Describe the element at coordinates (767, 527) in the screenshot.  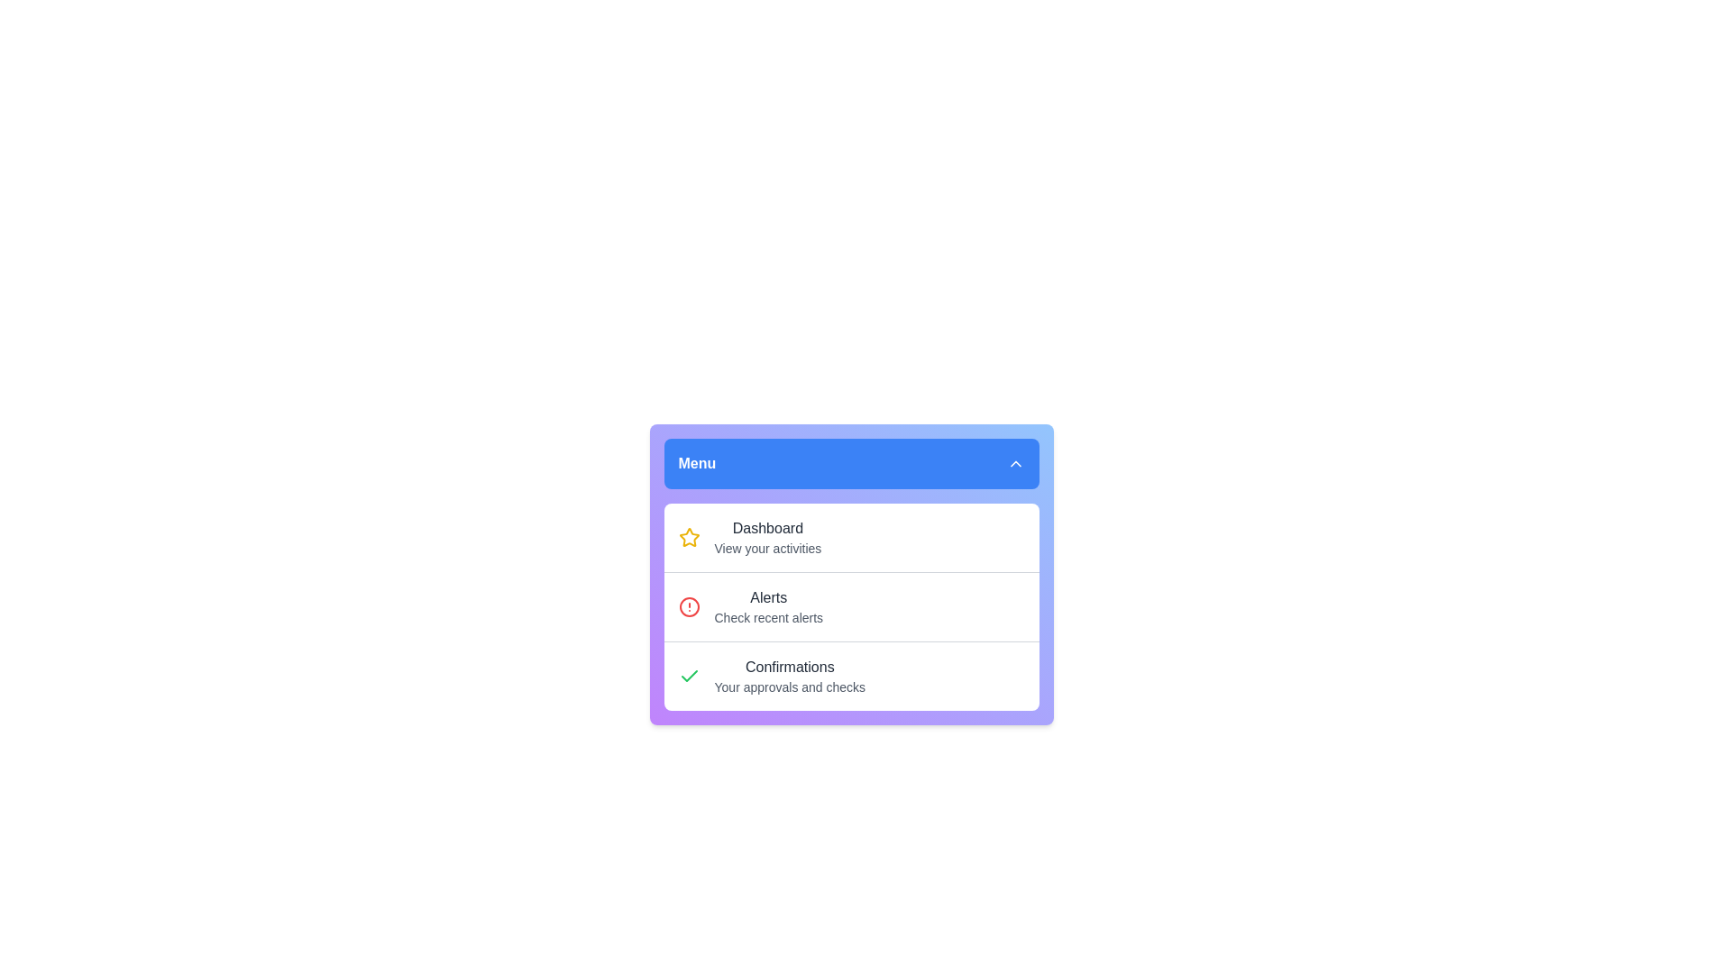
I see `the 'Dashboard' title label in the menu card which identifies the user's activities` at that location.